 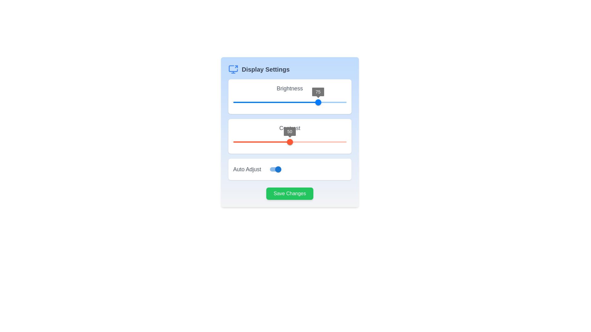 What do you see at coordinates (251, 102) in the screenshot?
I see `the brightness level` at bounding box center [251, 102].